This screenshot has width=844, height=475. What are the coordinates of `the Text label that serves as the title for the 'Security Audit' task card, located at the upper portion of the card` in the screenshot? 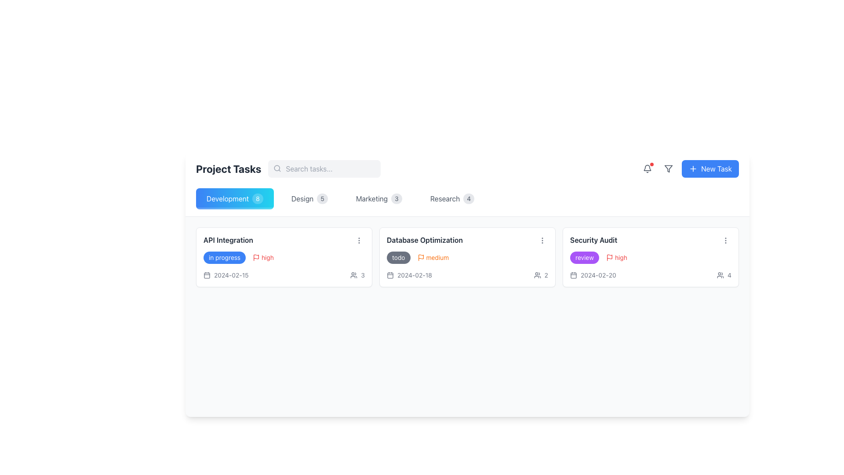 It's located at (593, 240).